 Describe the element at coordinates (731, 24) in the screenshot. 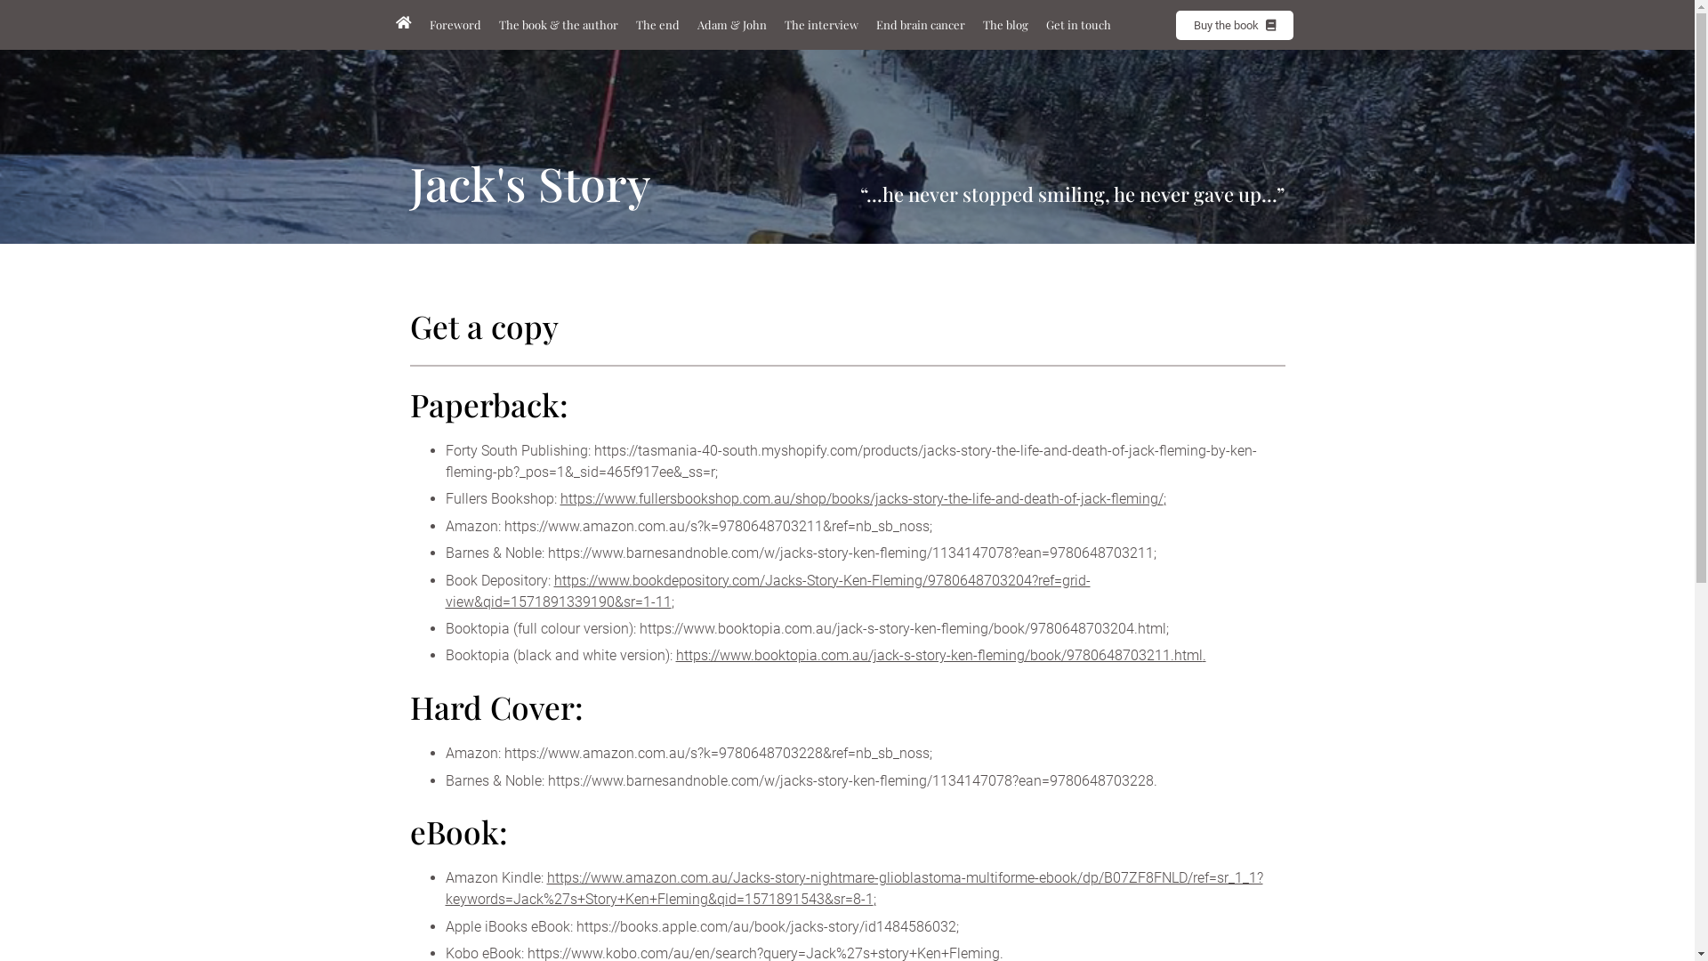

I see `'Adam & John'` at that location.